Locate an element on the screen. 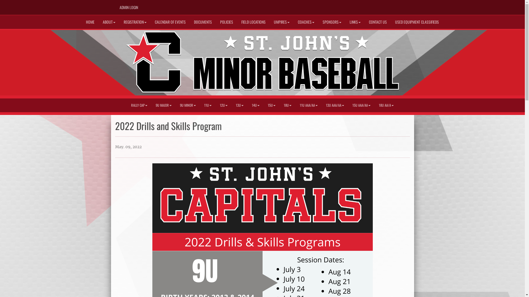 This screenshot has height=297, width=529. 'FIELD LOCATIONS' is located at coordinates (253, 22).